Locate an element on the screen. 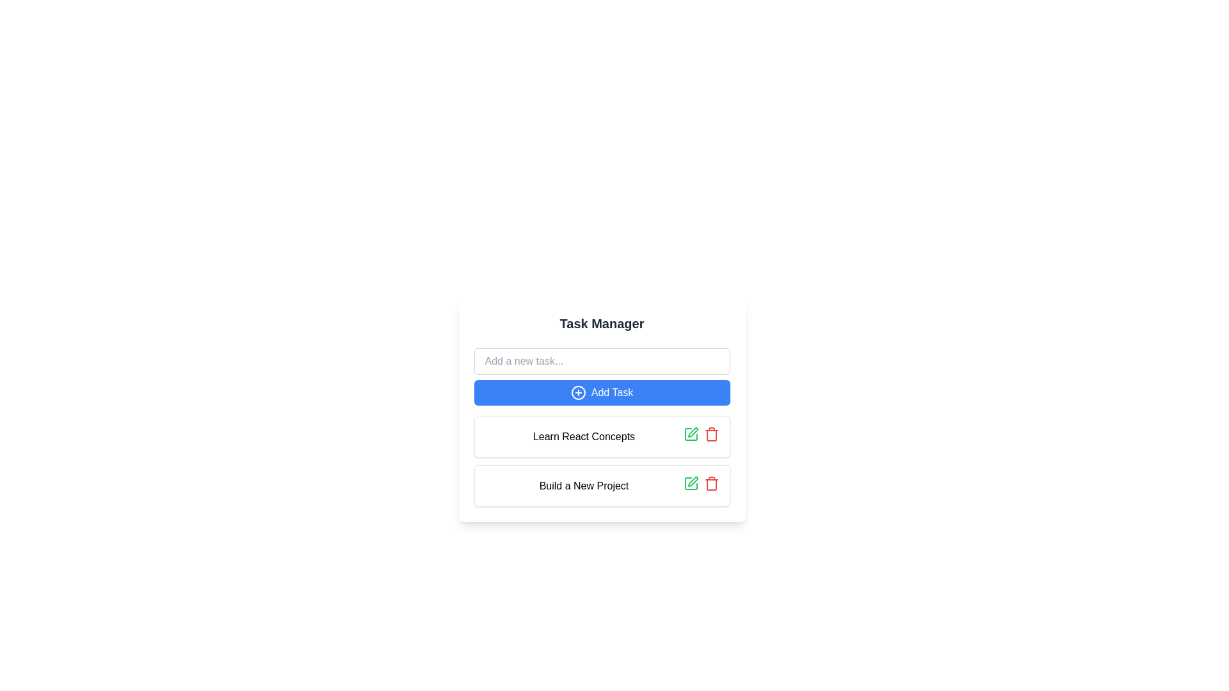  the green pencil icon button, which is located in the bottom row of the task list is located at coordinates (690, 484).